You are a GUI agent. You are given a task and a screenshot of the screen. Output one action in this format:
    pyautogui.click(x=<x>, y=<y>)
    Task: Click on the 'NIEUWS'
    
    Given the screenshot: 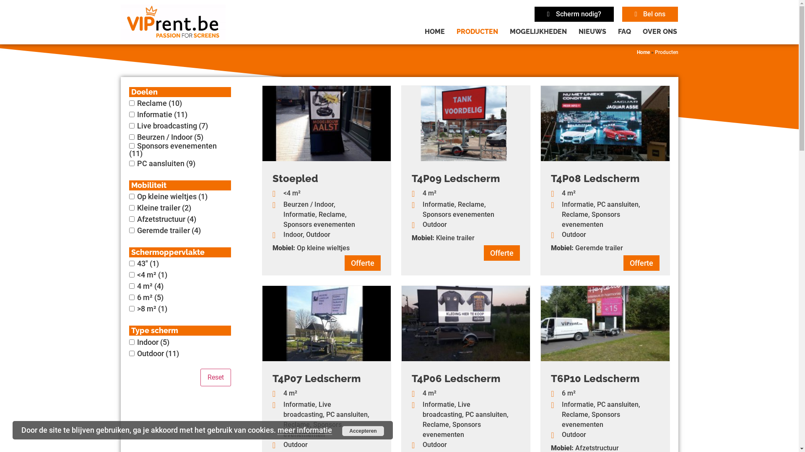 What is the action you would take?
    pyautogui.click(x=592, y=31)
    